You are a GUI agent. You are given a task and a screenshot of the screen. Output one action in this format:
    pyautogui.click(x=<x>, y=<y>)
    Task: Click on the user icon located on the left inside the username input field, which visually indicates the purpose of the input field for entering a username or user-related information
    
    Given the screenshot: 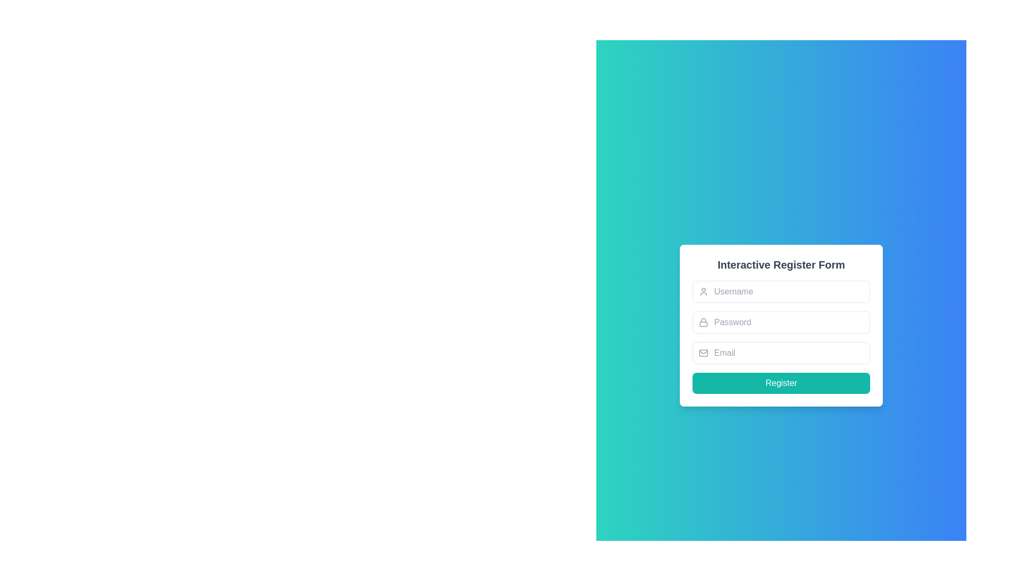 What is the action you would take?
    pyautogui.click(x=703, y=291)
    